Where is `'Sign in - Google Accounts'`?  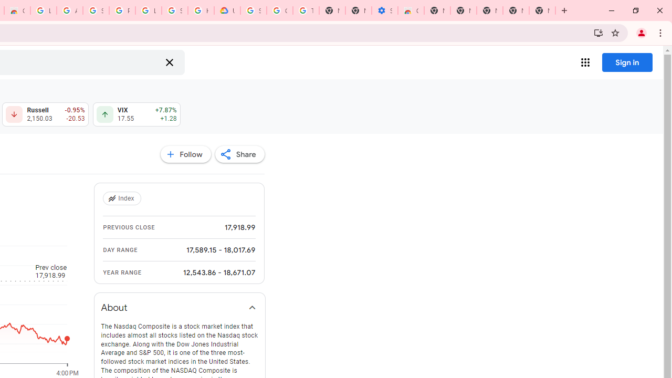
'Sign in - Google Accounts' is located at coordinates (175, 10).